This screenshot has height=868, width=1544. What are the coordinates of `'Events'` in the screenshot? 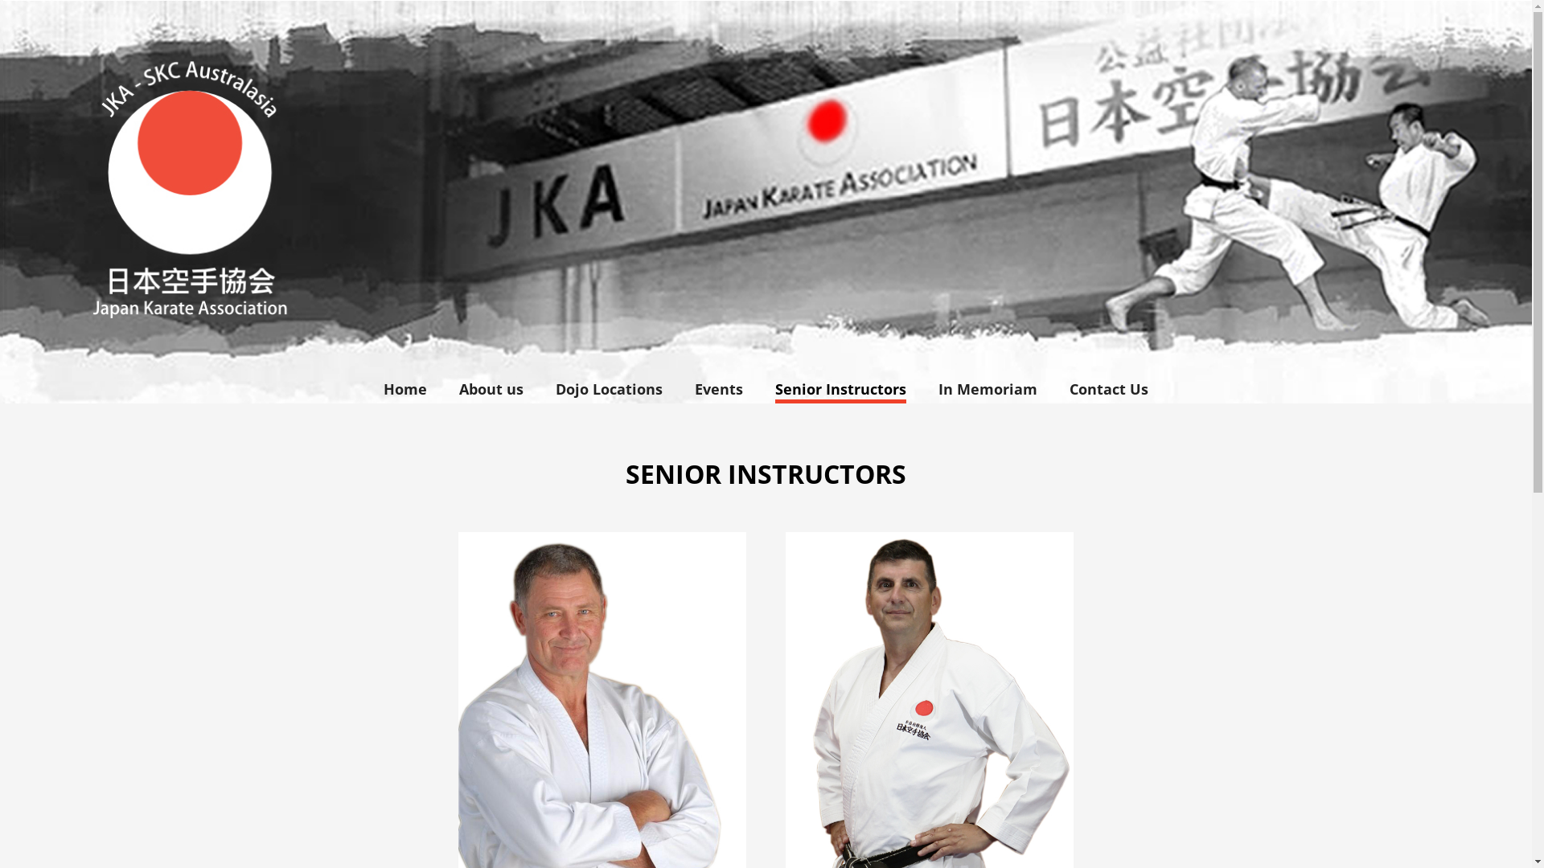 It's located at (679, 388).